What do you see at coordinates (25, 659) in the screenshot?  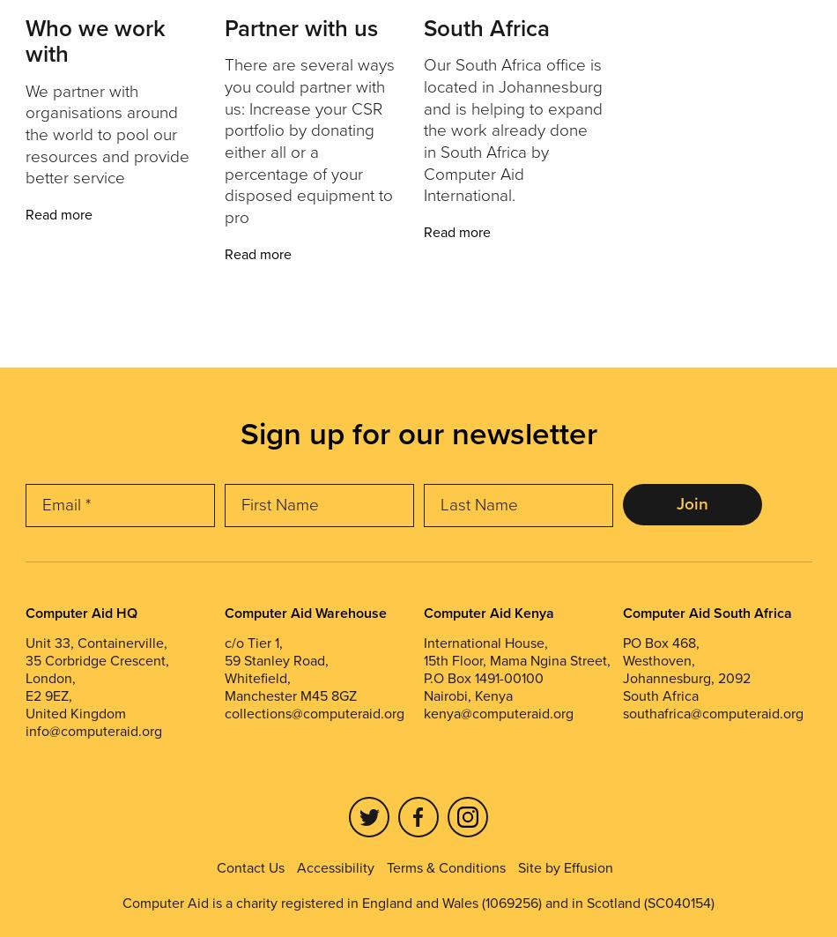 I see `'35 Corbridge Crescent,'` at bounding box center [25, 659].